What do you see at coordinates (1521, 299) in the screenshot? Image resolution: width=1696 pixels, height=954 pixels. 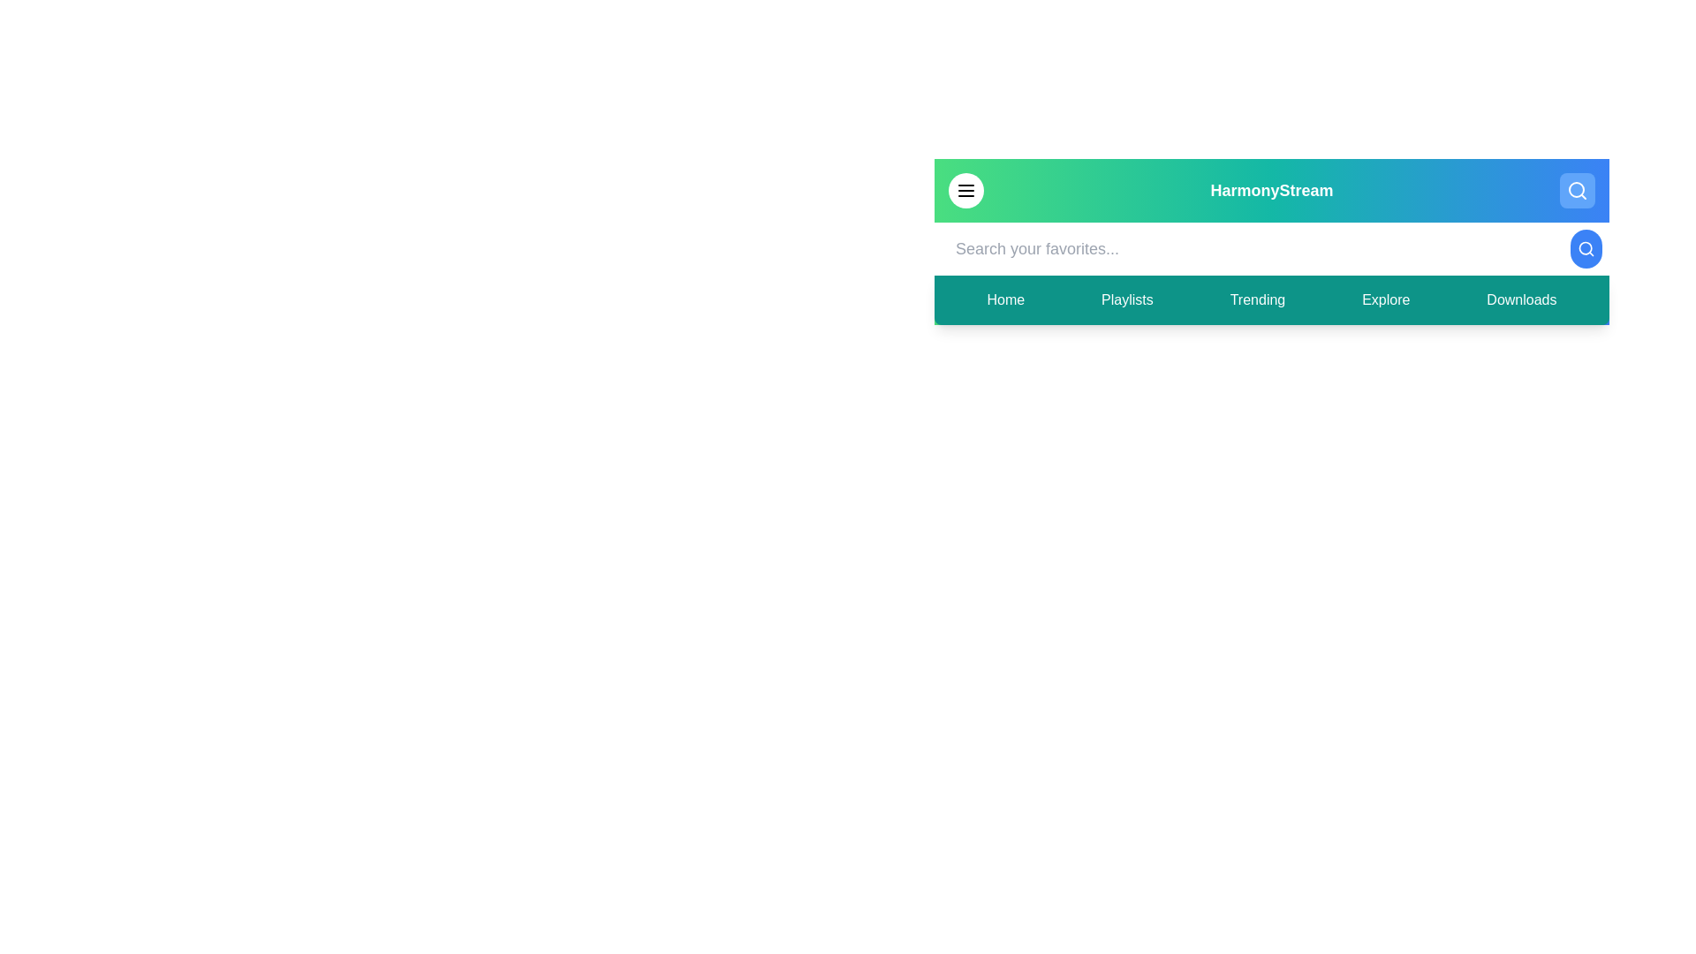 I see `the navigation menu item corresponding to Downloads` at bounding box center [1521, 299].